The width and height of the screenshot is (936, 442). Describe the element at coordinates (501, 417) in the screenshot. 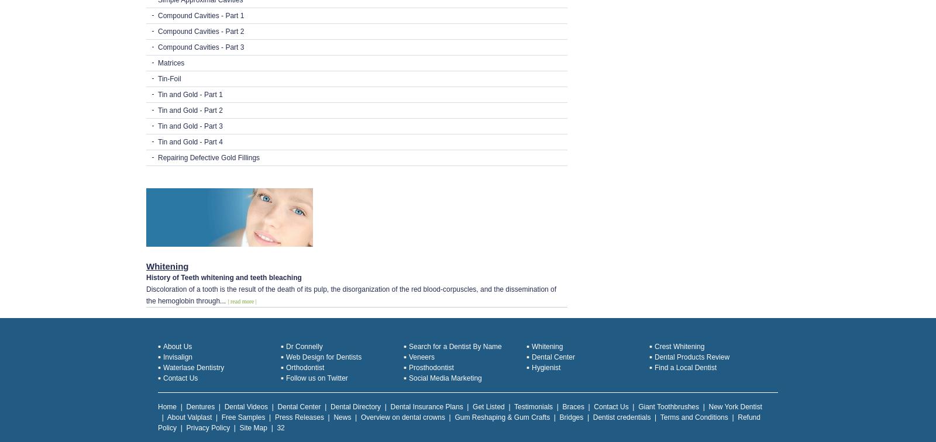

I see `'Gum Reshaping & Gum Crafts'` at that location.